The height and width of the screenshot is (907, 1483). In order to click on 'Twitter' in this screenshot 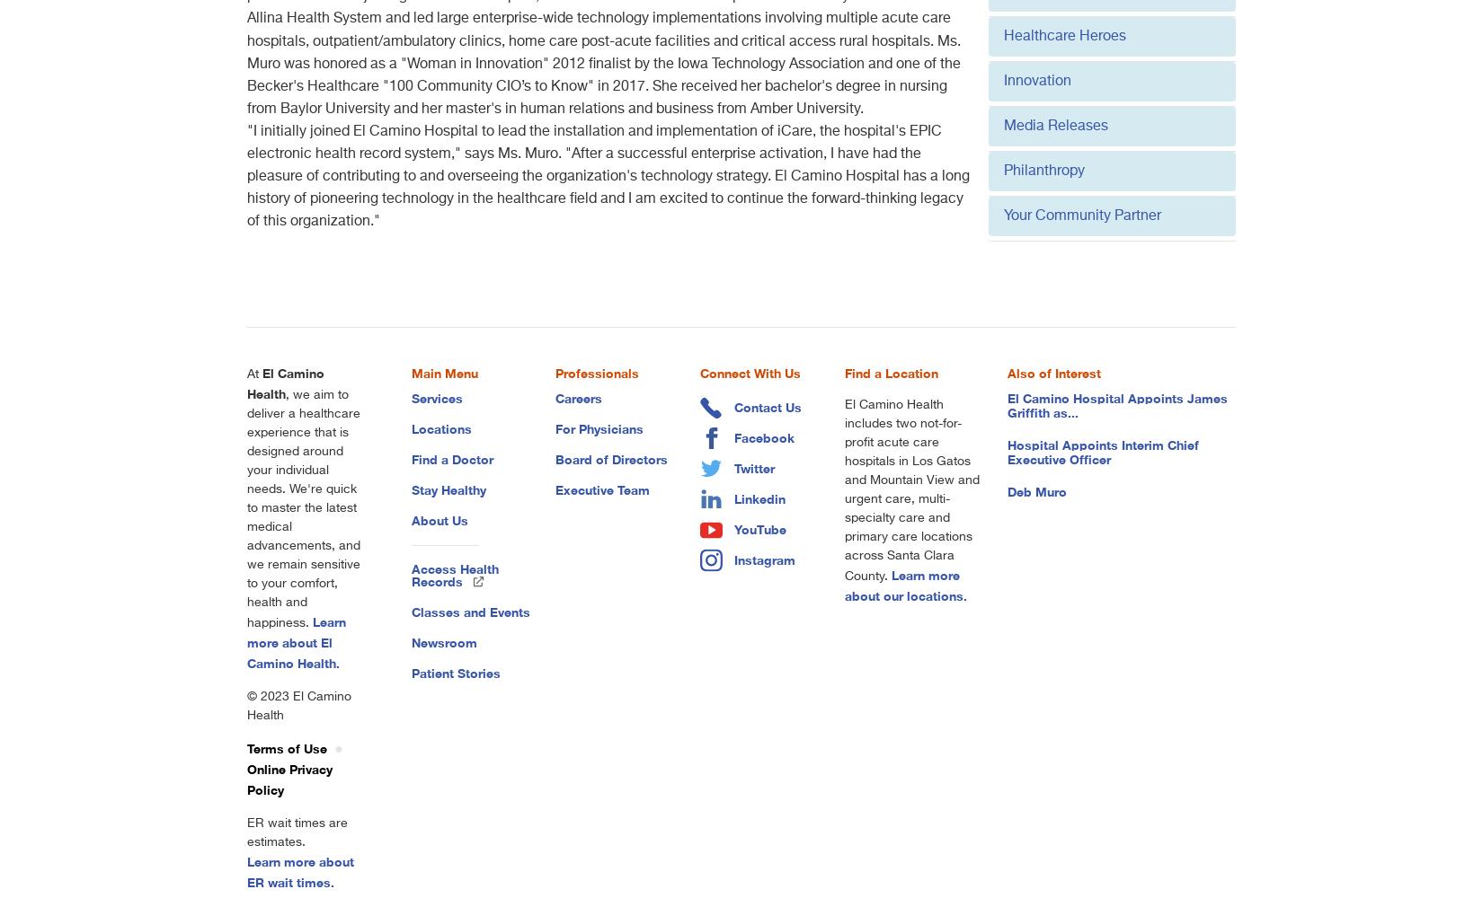, I will do `click(733, 467)`.